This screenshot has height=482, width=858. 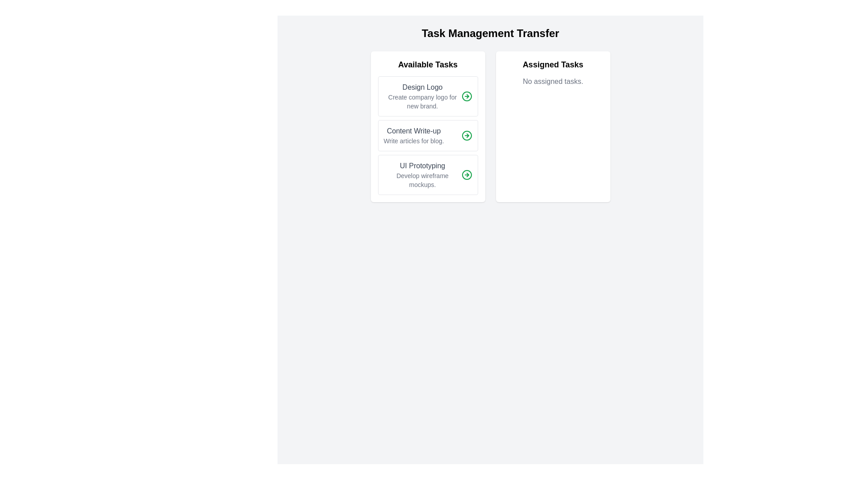 What do you see at coordinates (466, 136) in the screenshot?
I see `the SVG circle element representing a right arrow, which is enclosed in a green circular outline, located in the right area of the 'Content Write-up' task row under 'Available Tasks'` at bounding box center [466, 136].